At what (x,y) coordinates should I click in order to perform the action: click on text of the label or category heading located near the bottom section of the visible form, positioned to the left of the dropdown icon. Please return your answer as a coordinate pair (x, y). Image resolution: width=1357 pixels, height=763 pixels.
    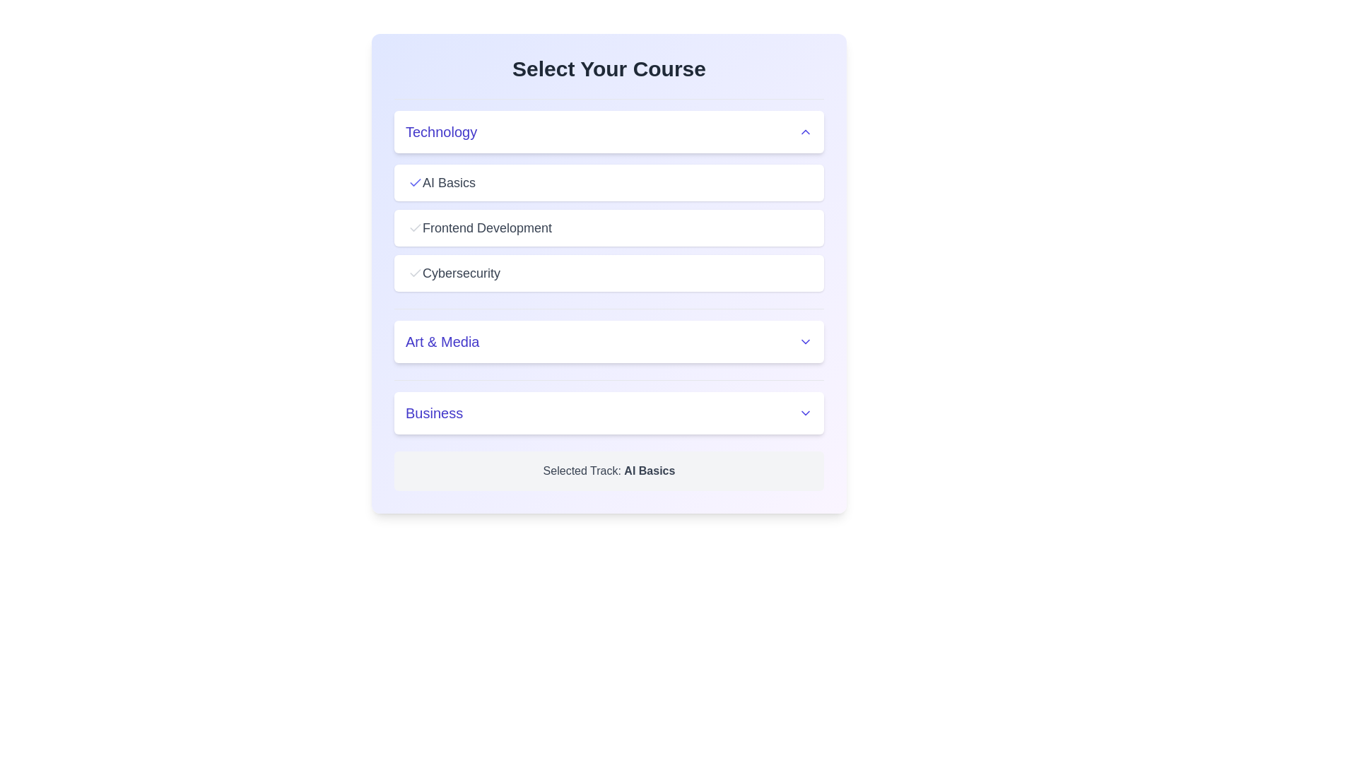
    Looking at the image, I should click on (433, 413).